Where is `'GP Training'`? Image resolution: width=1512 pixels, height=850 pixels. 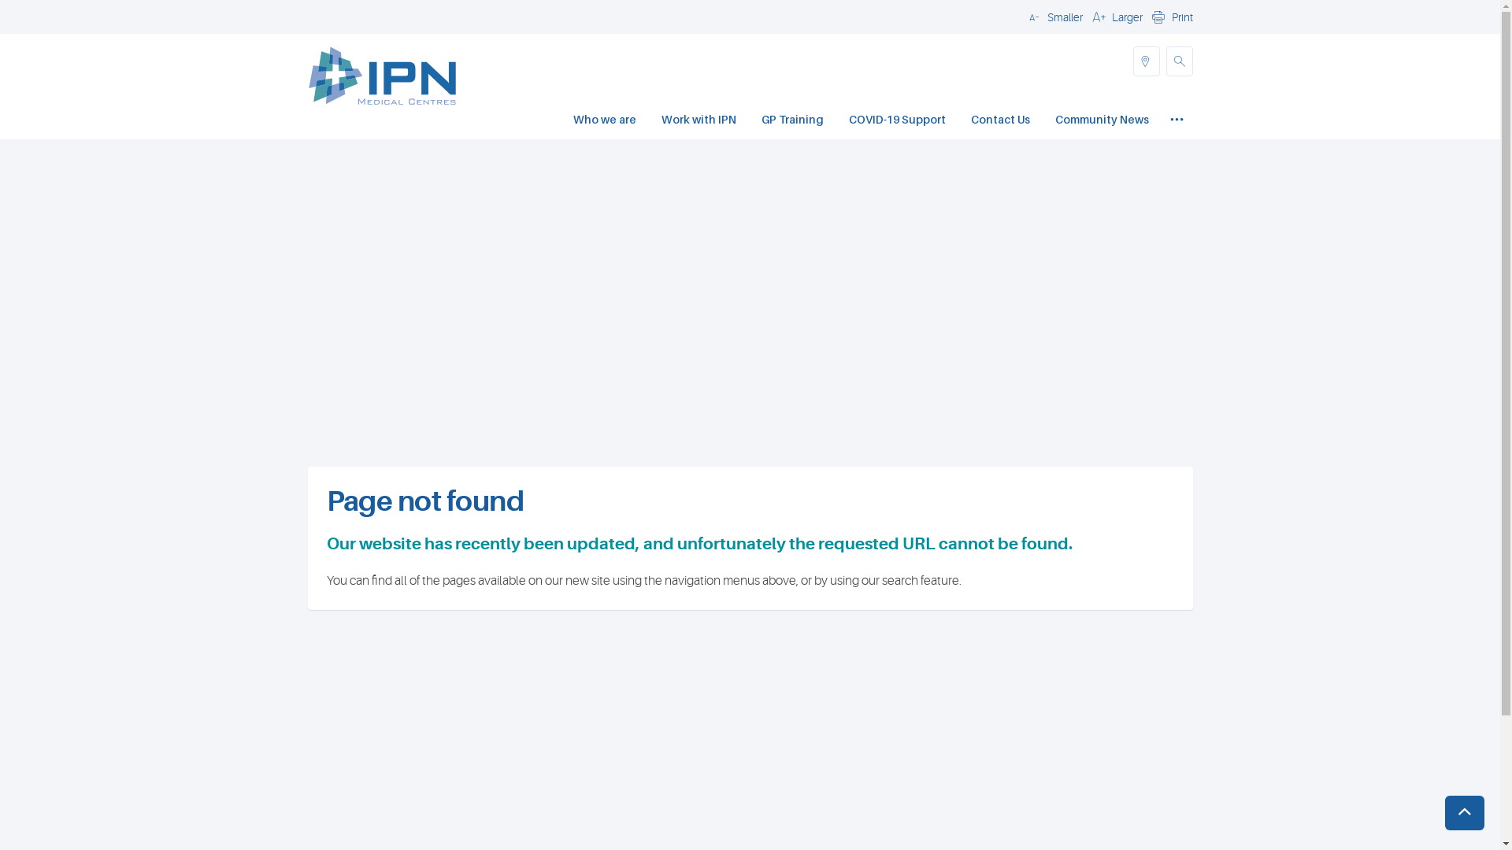
'GP Training' is located at coordinates (791, 120).